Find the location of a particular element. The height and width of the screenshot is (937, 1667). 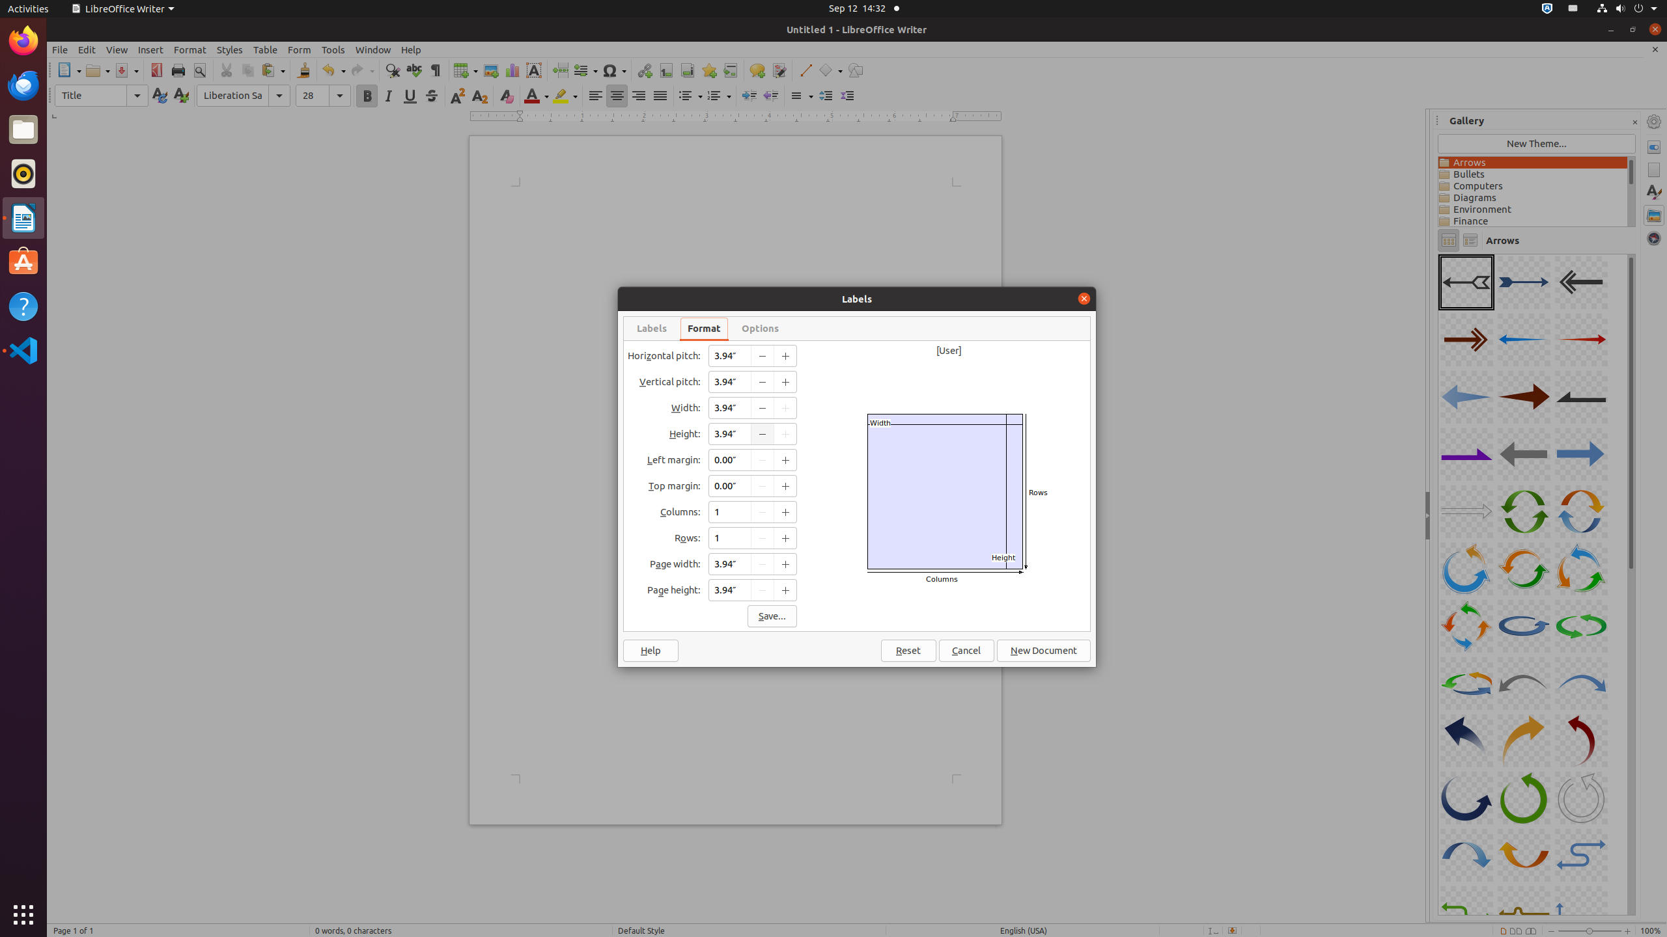

'Show Applications' is located at coordinates (23, 914).